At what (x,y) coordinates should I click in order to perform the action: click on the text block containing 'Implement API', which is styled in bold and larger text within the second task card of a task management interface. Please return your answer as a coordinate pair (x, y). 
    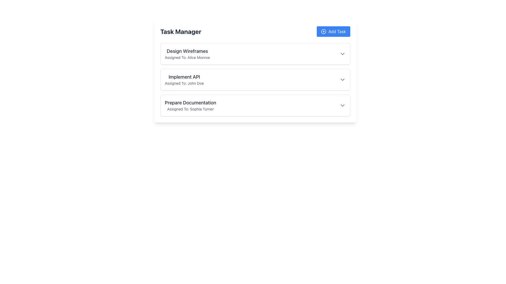
    Looking at the image, I should click on (184, 77).